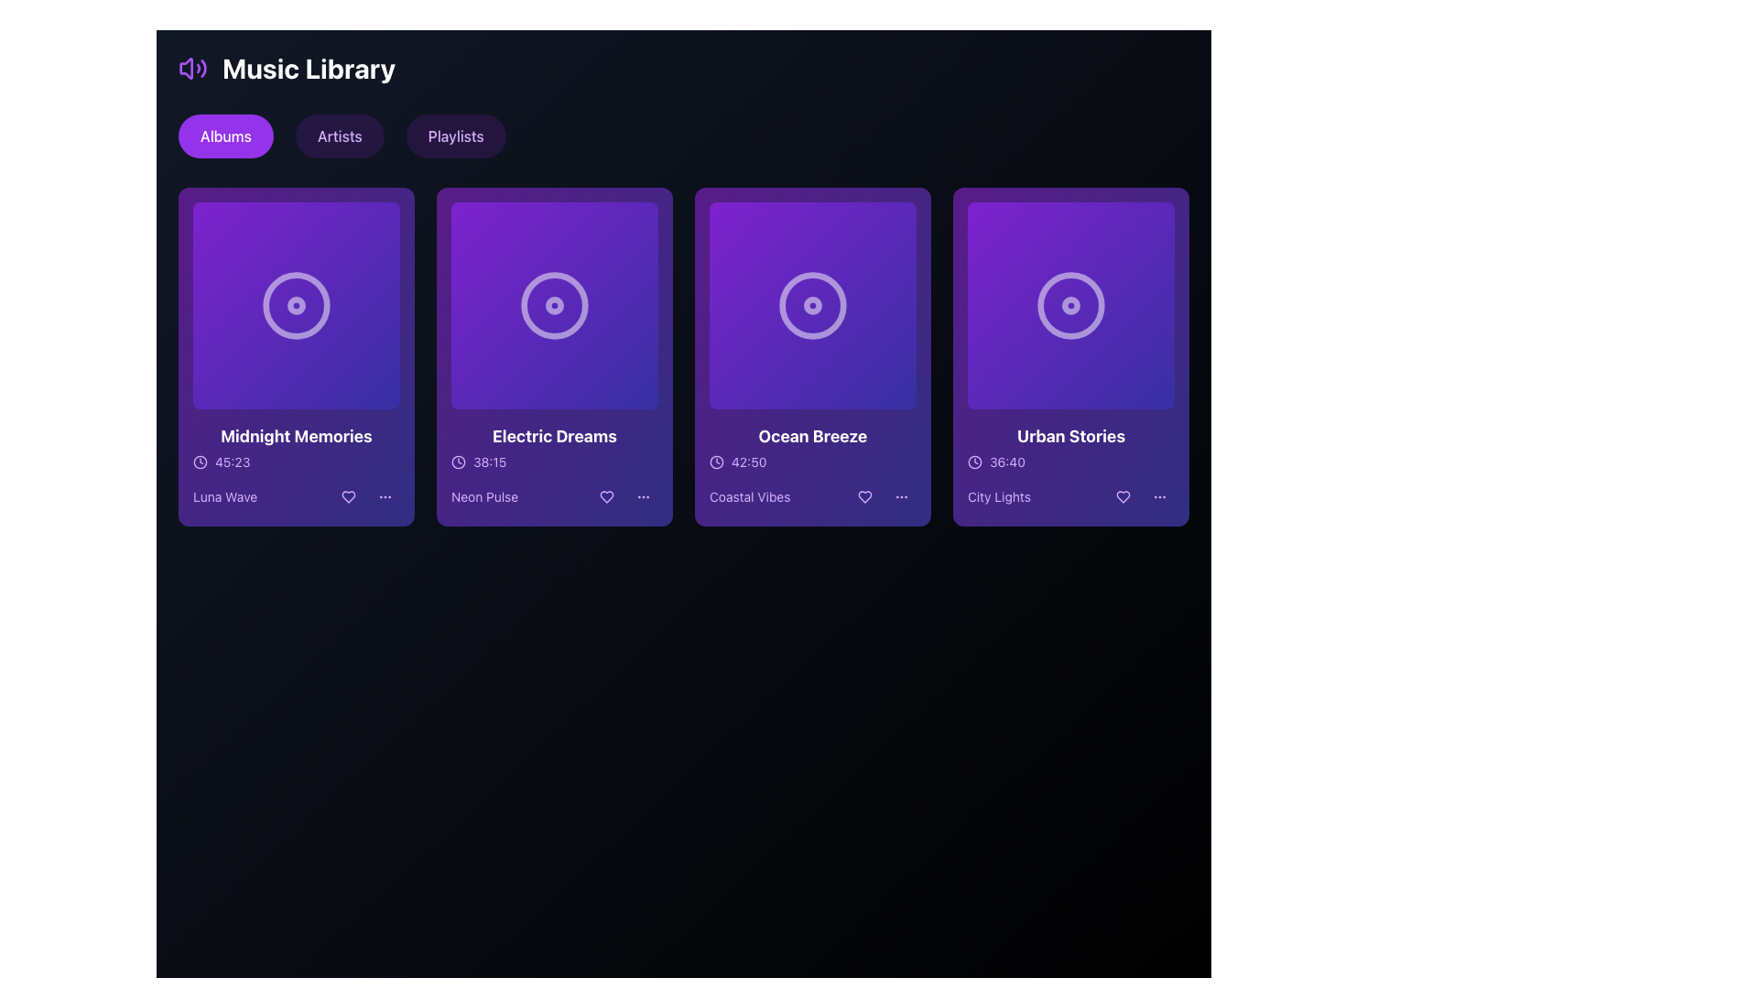 The image size is (1758, 989). What do you see at coordinates (1006, 462) in the screenshot?
I see `the text label displaying the duration or playtime of the album 'Urban Stories'` at bounding box center [1006, 462].